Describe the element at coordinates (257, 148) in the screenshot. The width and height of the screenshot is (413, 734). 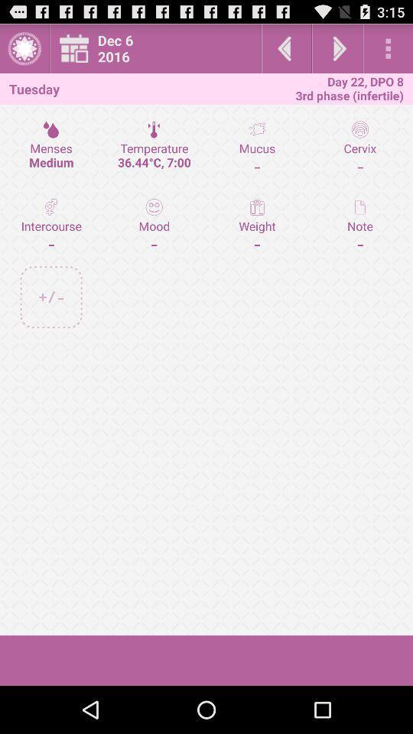
I see `mucus` at that location.